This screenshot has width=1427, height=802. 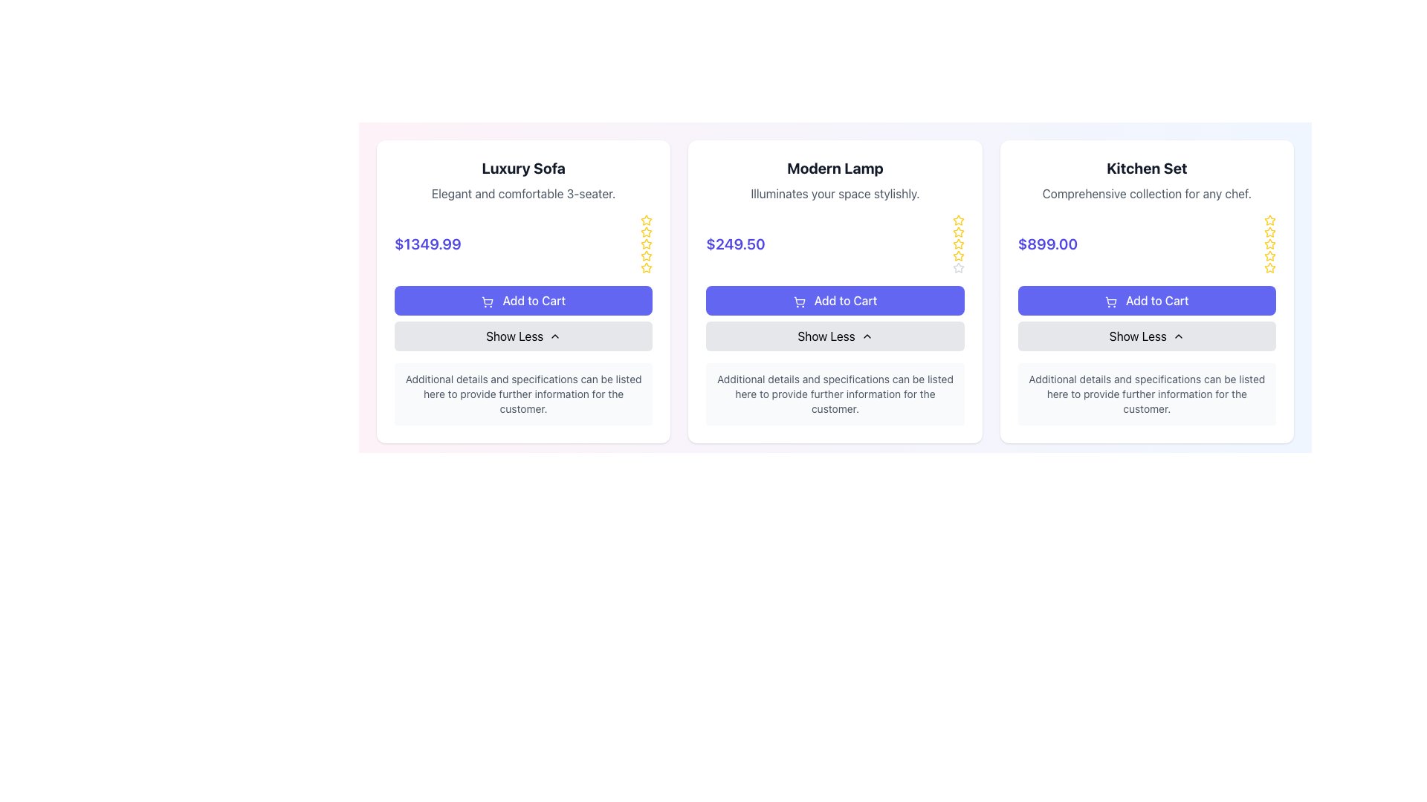 I want to click on the fourth star icon, so click(x=1269, y=243).